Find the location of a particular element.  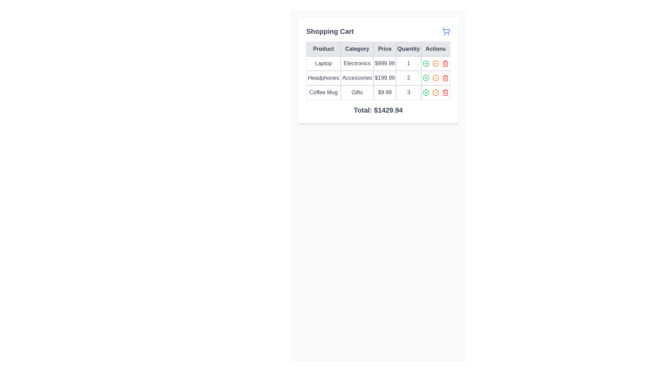

the second button in the 'Actions' column of the third row in the shopping cart table to decrease the quantity of the associated item is located at coordinates (435, 92).